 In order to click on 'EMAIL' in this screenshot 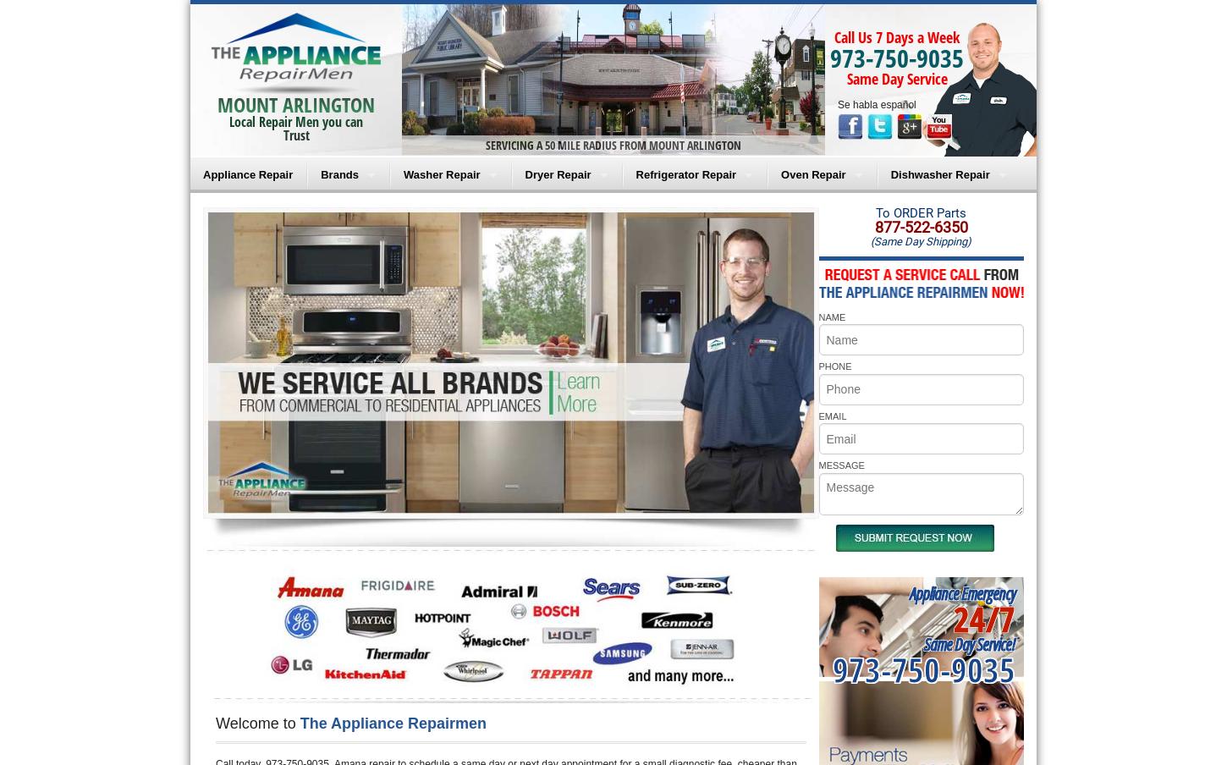, I will do `click(832, 414)`.